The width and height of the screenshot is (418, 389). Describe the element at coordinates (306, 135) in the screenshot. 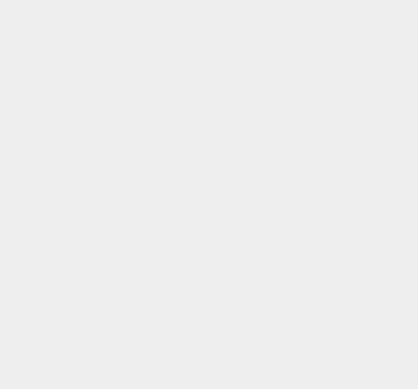

I see `'Vodafone'` at that location.